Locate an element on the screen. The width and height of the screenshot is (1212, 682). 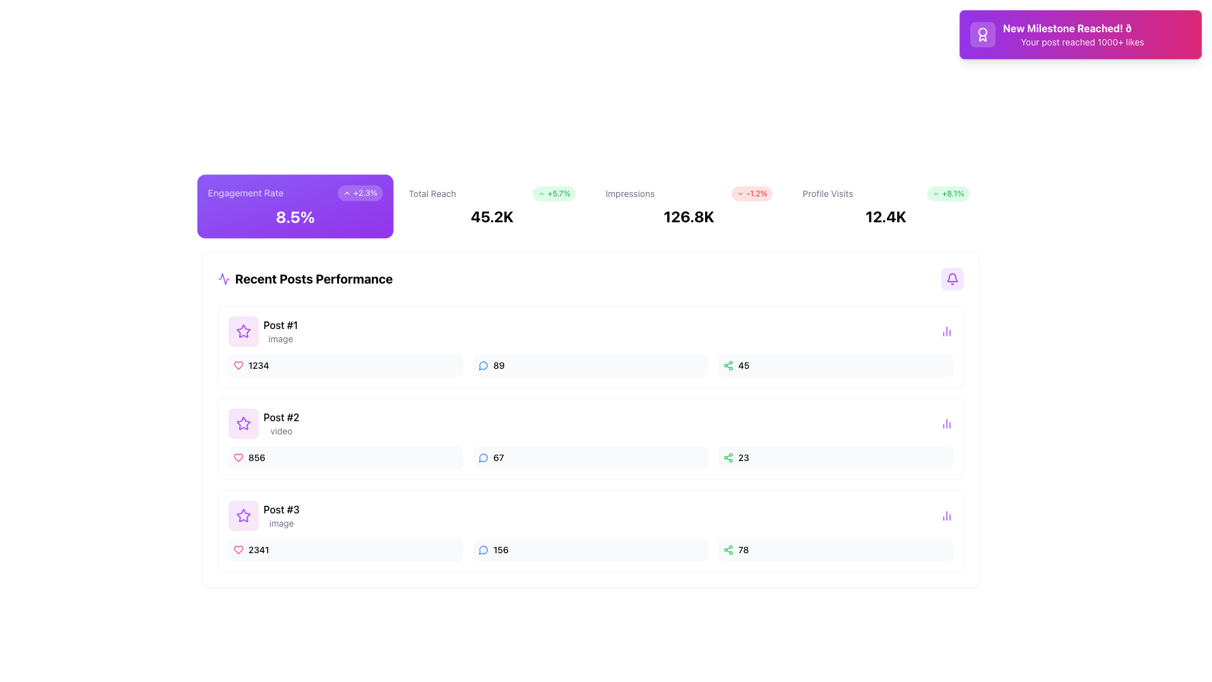
the Content summary card displaying 'Post #3' with the descriptor 'image' in the 'Recent Posts Performance' section is located at coordinates (590, 516).